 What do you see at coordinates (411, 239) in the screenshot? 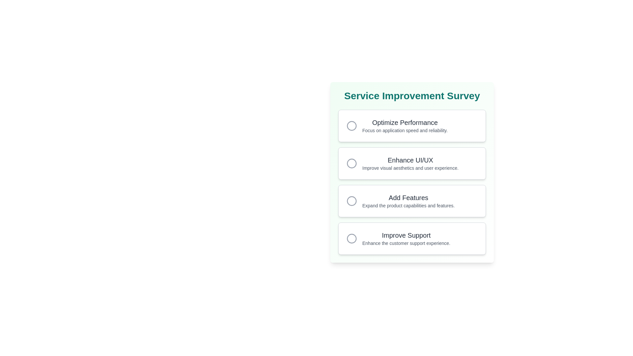
I see `the Selectable Card for improving customer support in the Service Improvement Survey` at bounding box center [411, 239].